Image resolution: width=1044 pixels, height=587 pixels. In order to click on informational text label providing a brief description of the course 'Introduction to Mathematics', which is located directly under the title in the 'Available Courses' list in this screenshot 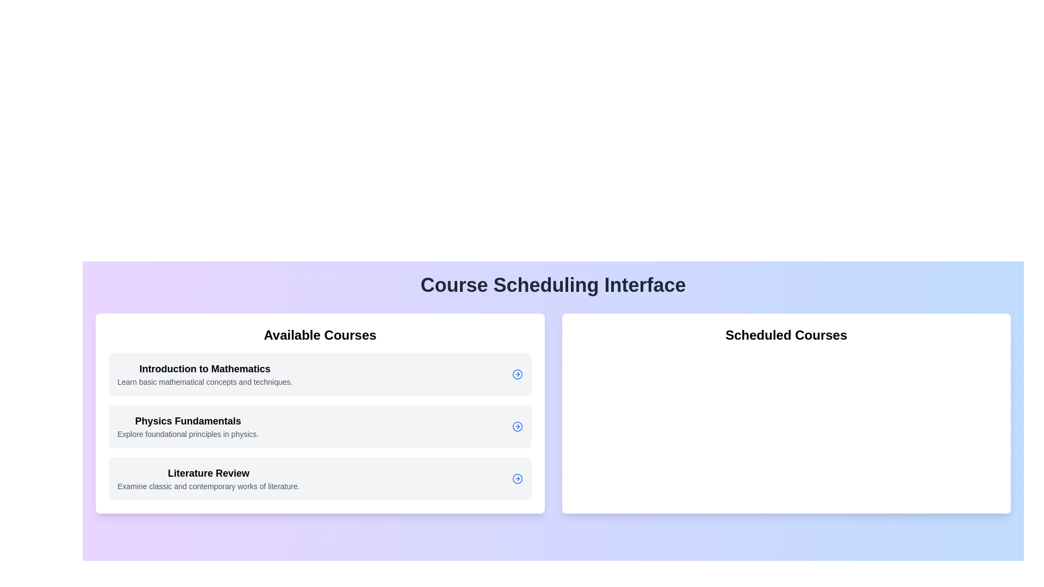, I will do `click(205, 381)`.